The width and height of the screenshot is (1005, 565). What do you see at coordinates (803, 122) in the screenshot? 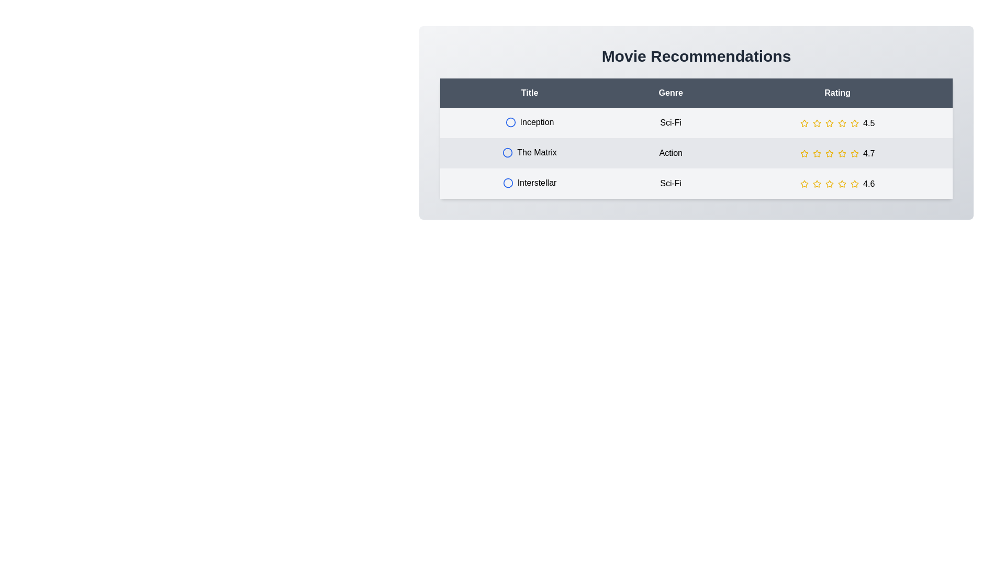
I see `the star rating for a movie to 1 stars` at bounding box center [803, 122].